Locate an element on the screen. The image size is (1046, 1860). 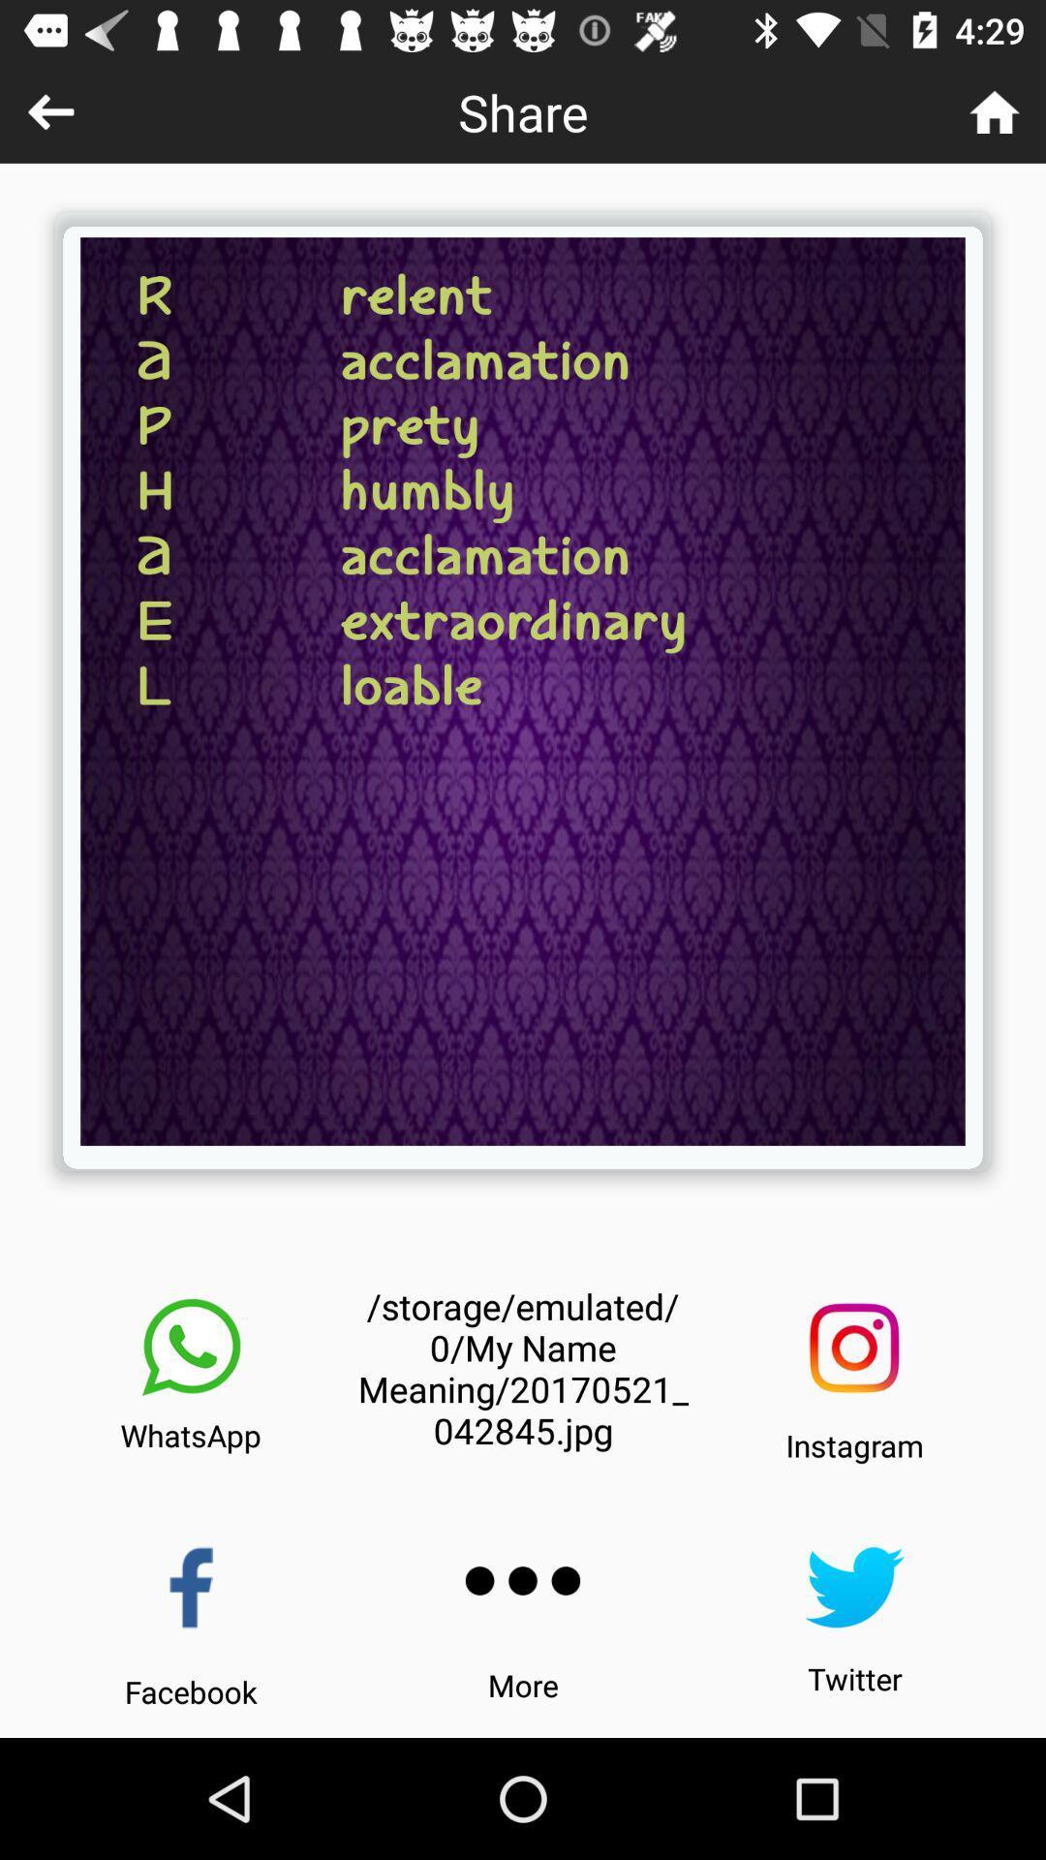
item to the right of the storage emulated 0 item is located at coordinates (853, 1347).